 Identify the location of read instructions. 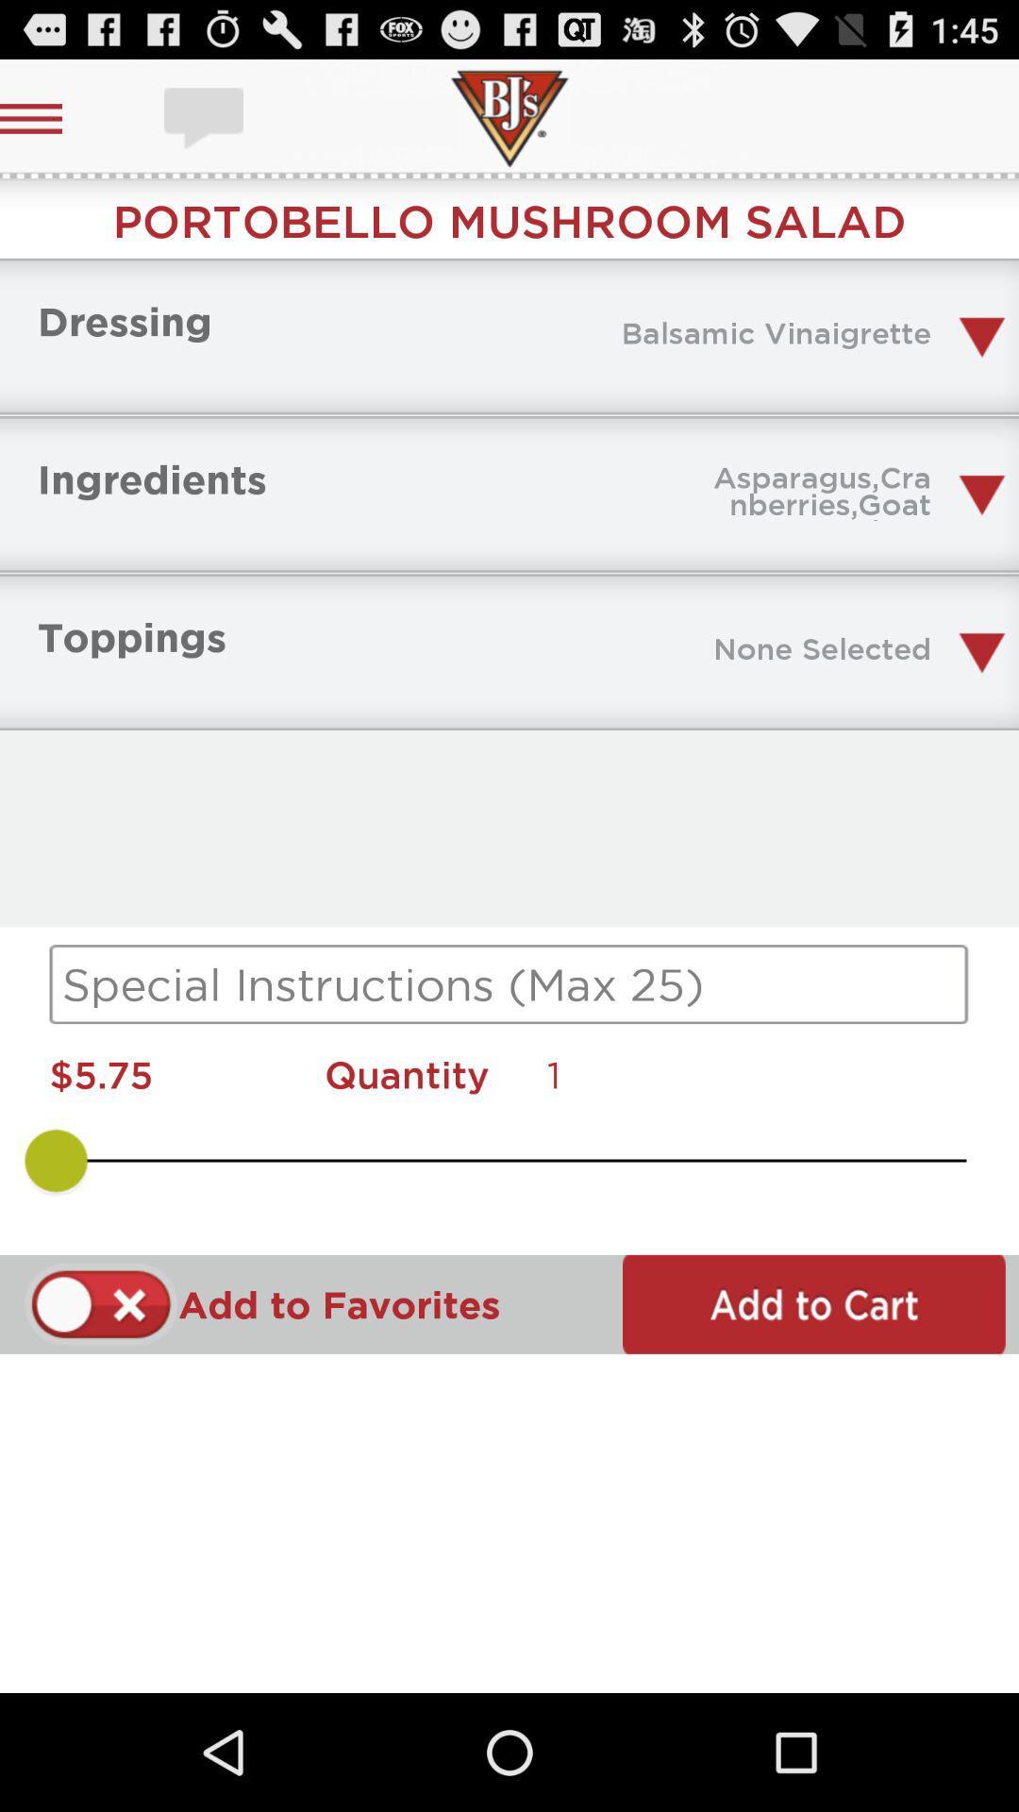
(509, 983).